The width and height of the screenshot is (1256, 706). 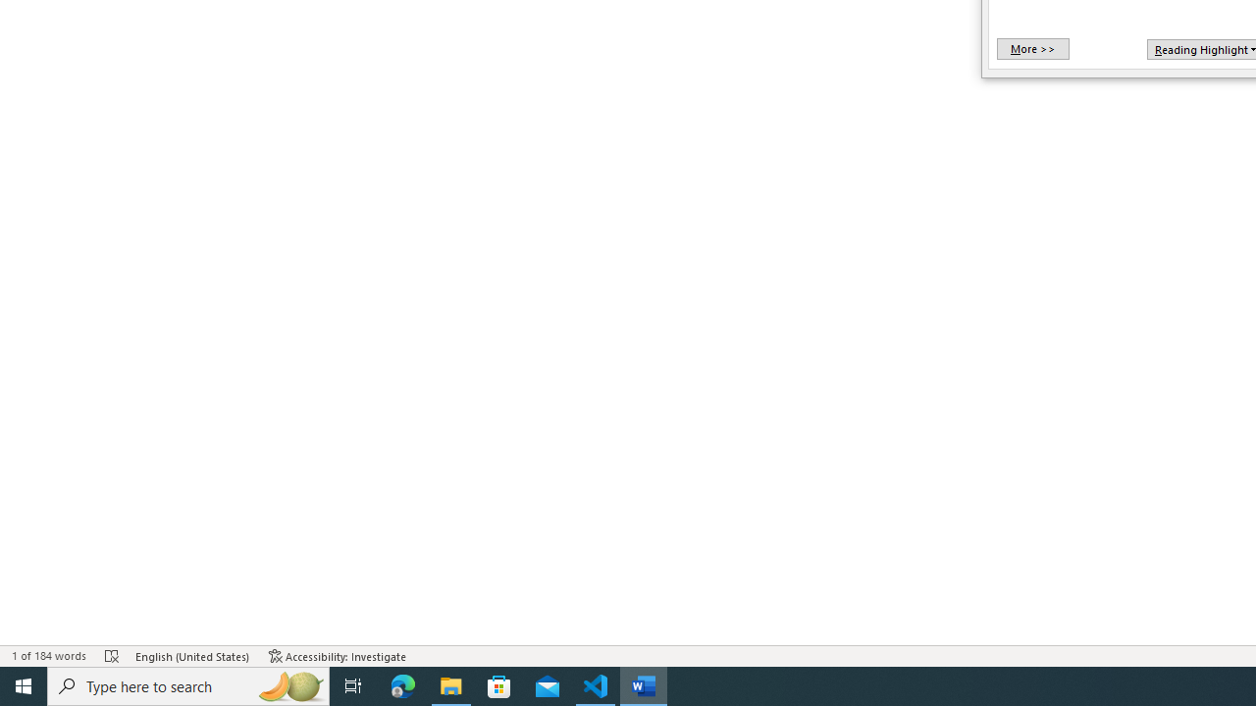 What do you see at coordinates (352, 684) in the screenshot?
I see `'Task View'` at bounding box center [352, 684].